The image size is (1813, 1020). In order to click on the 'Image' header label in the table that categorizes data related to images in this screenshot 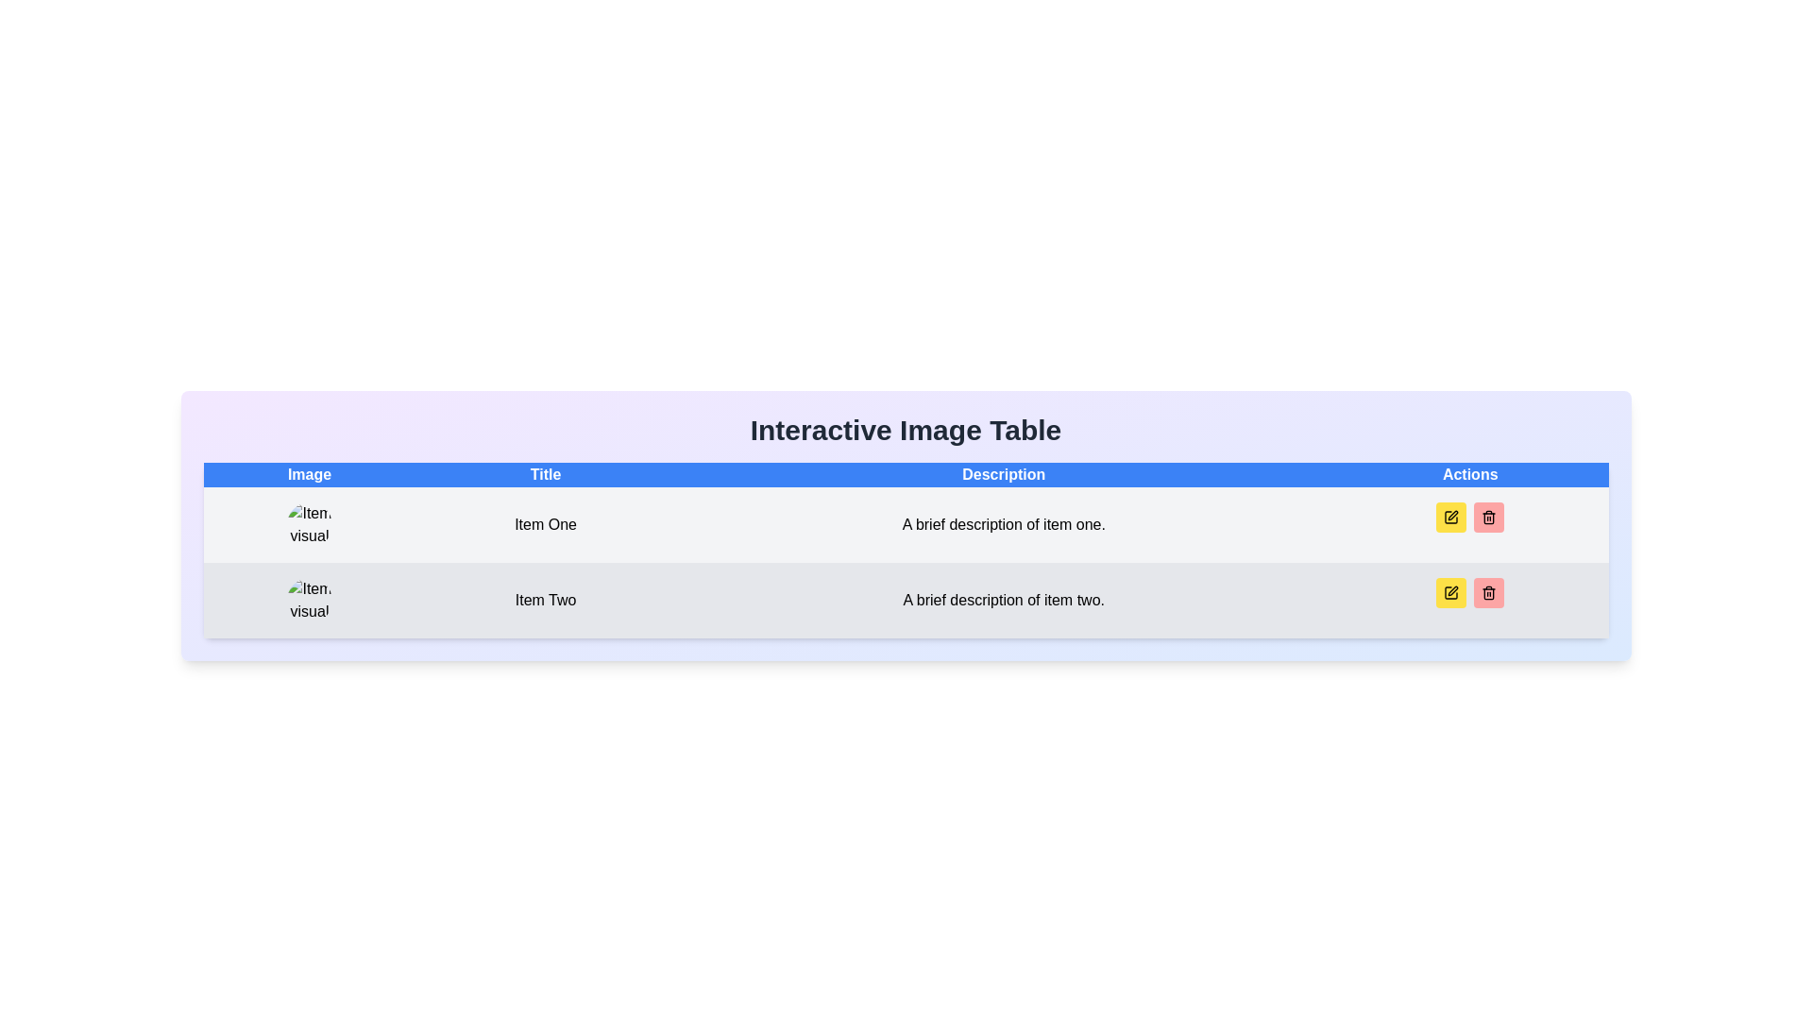, I will do `click(309, 473)`.